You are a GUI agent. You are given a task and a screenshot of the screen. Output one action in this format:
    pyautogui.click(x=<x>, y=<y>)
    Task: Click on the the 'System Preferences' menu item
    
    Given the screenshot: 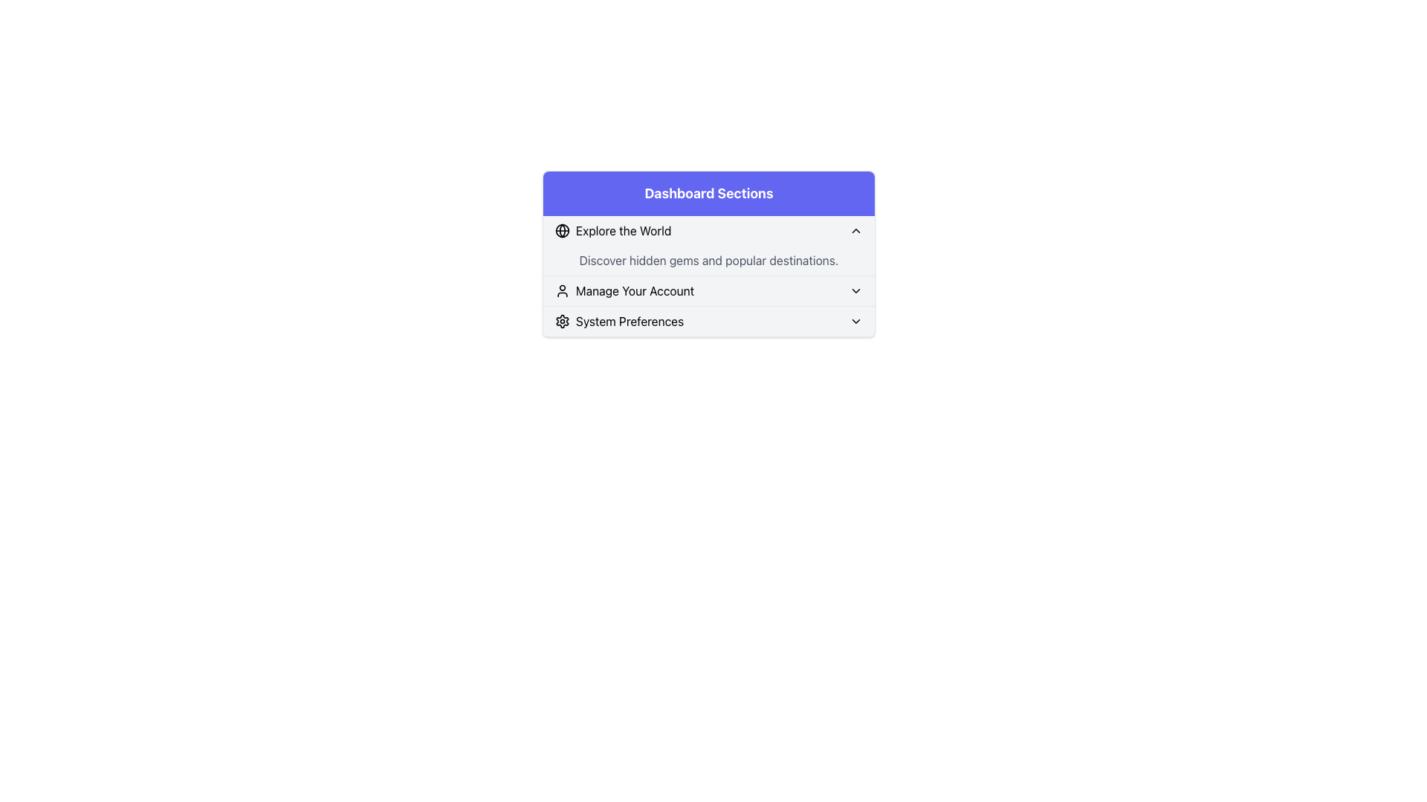 What is the action you would take?
    pyautogui.click(x=708, y=320)
    